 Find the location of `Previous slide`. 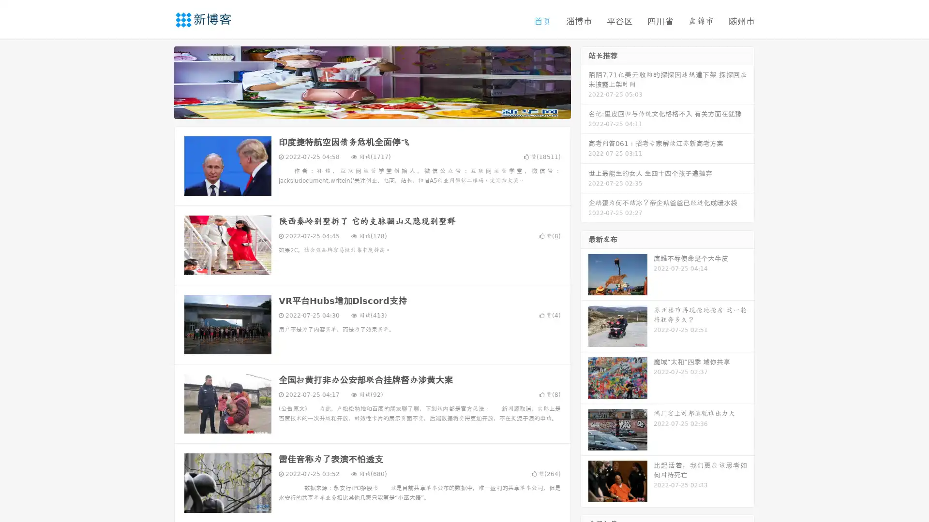

Previous slide is located at coordinates (160, 81).